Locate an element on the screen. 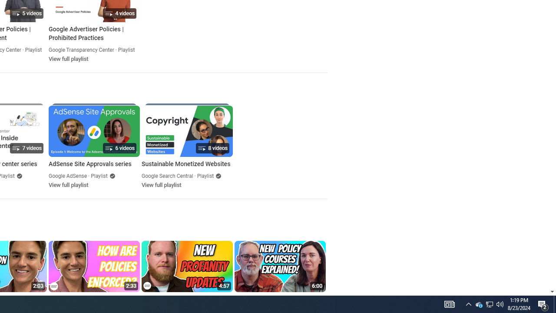 The width and height of the screenshot is (556, 313). 'AdSense Site Approvals series' is located at coordinates (94, 164).